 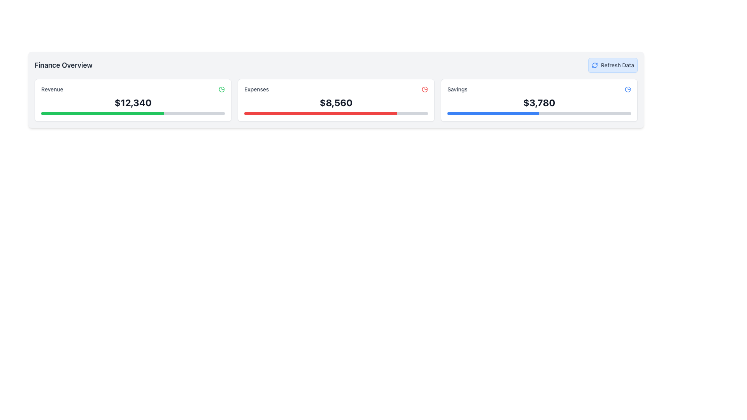 I want to click on financial data presented in the 'Savings' card, which displays the text 'Savings' and the value '$3,780', so click(x=539, y=100).